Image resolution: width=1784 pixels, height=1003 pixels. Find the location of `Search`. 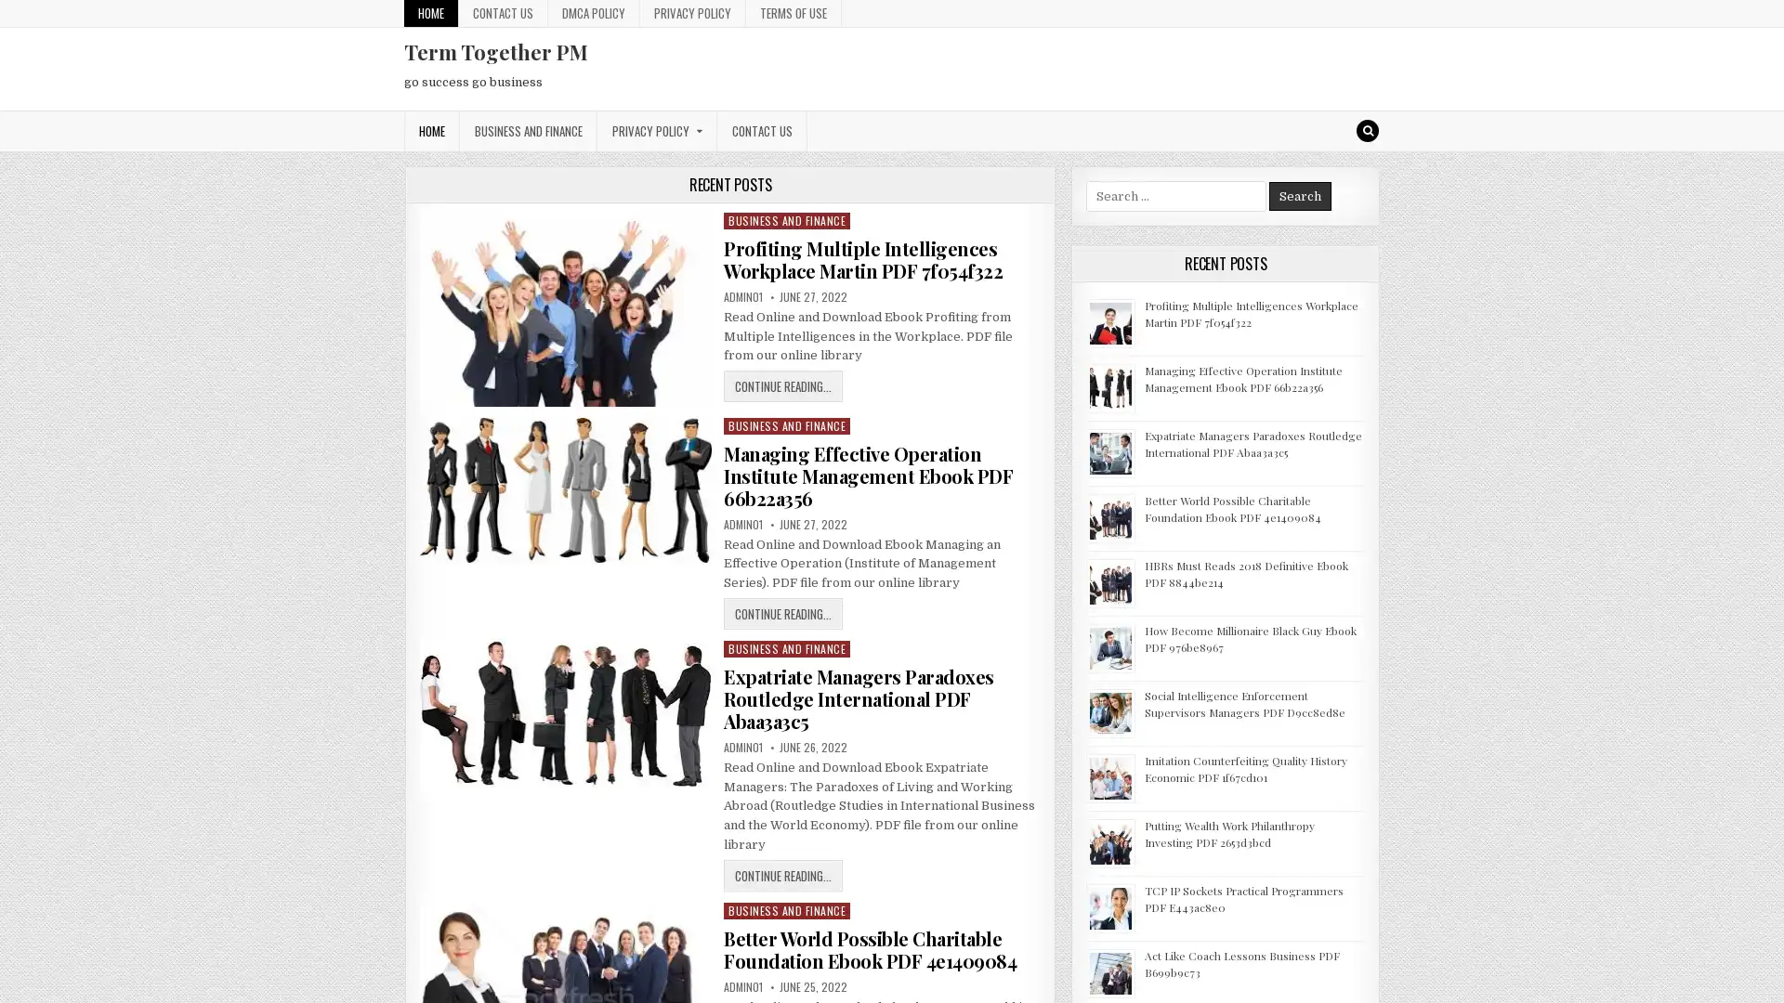

Search is located at coordinates (1299, 196).